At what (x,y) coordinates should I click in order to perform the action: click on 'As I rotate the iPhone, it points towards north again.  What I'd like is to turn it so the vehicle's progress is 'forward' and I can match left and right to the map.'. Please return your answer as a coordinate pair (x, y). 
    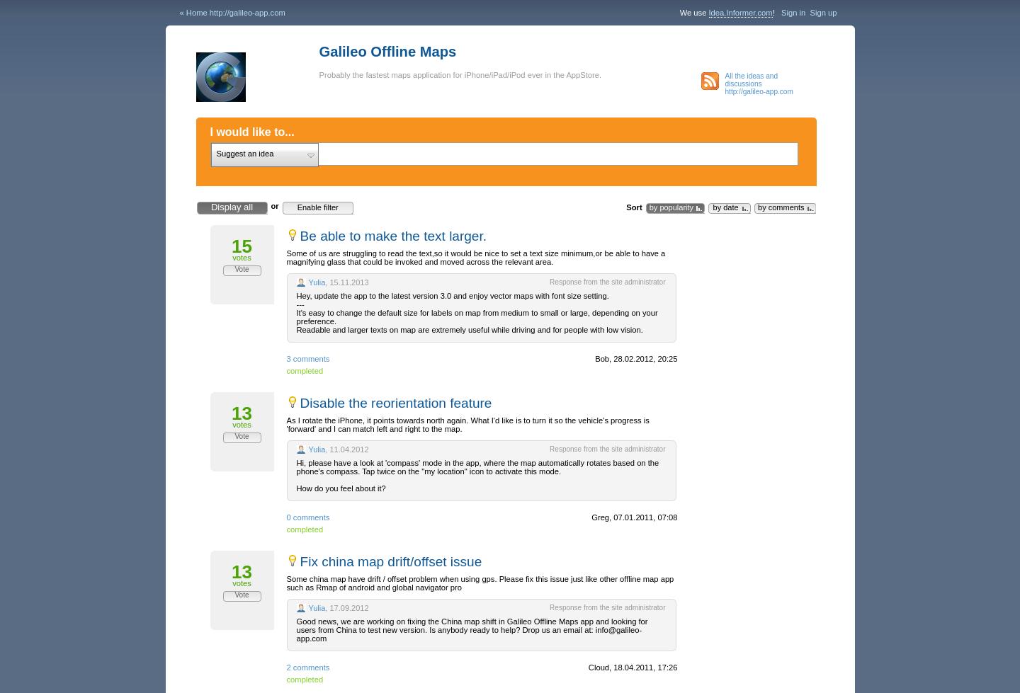
    Looking at the image, I should click on (466, 424).